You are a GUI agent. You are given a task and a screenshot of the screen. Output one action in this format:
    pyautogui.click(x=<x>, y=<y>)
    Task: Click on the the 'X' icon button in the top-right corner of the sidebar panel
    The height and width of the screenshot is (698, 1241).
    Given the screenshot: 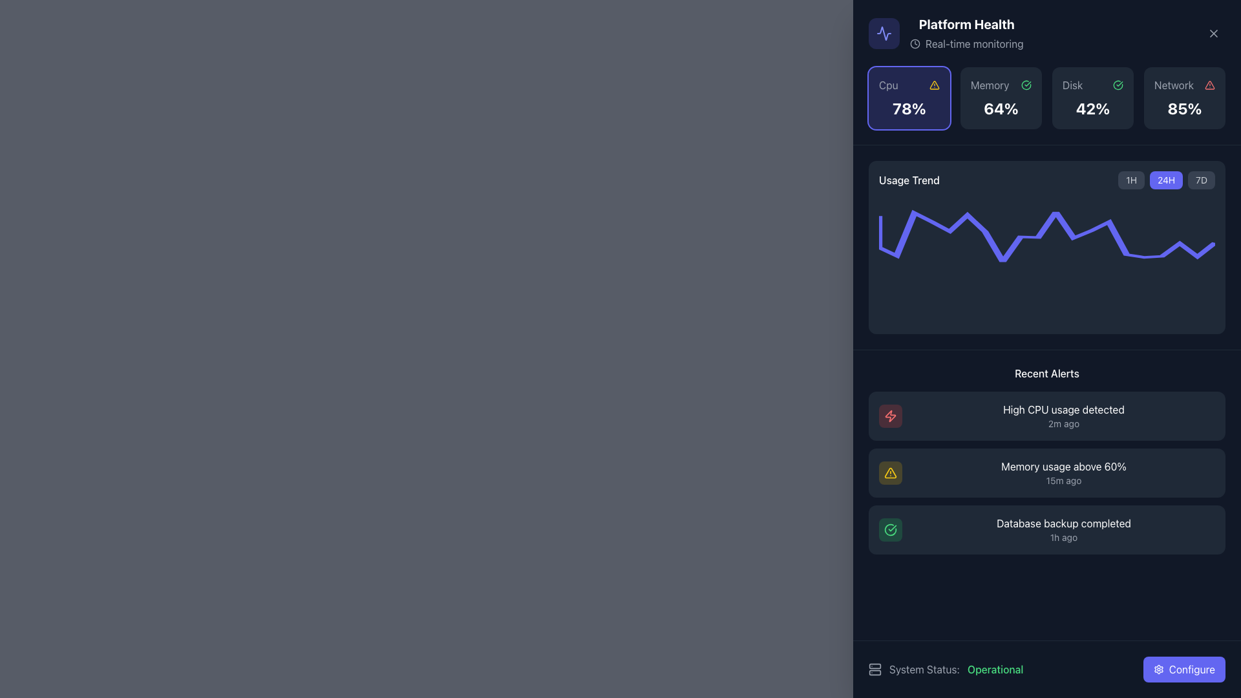 What is the action you would take?
    pyautogui.click(x=1213, y=32)
    